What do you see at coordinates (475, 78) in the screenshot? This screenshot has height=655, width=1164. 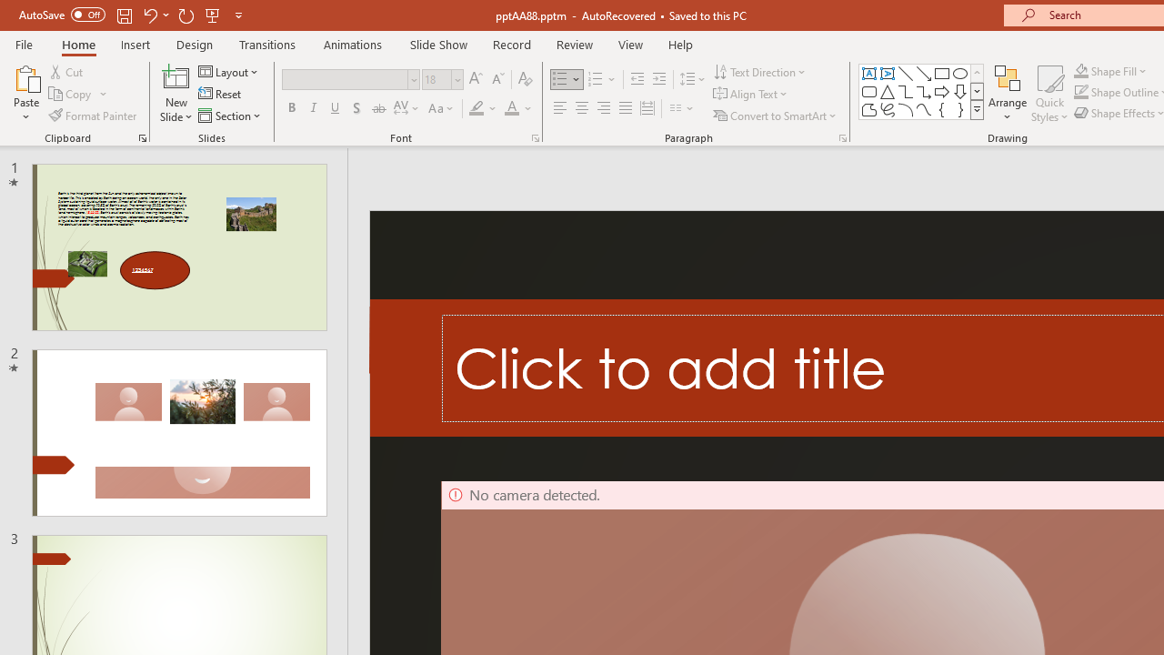 I see `'Increase Font Size'` at bounding box center [475, 78].